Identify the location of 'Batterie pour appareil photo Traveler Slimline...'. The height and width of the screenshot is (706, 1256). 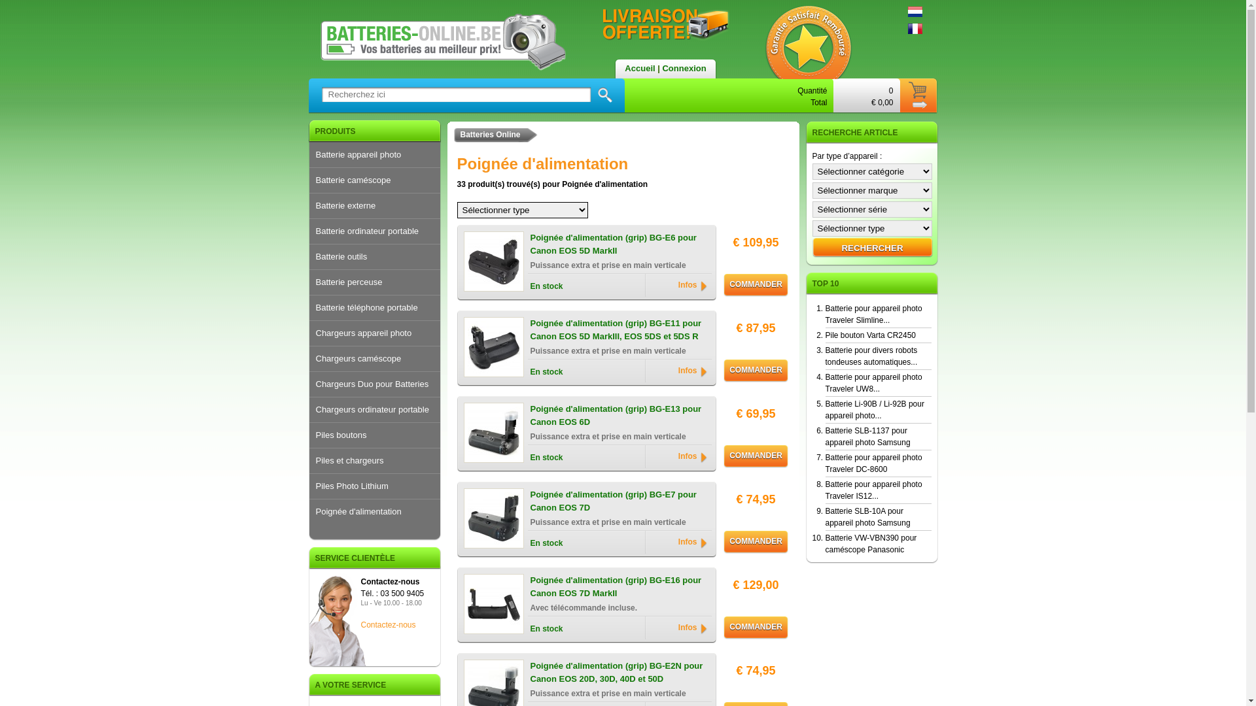
(873, 314).